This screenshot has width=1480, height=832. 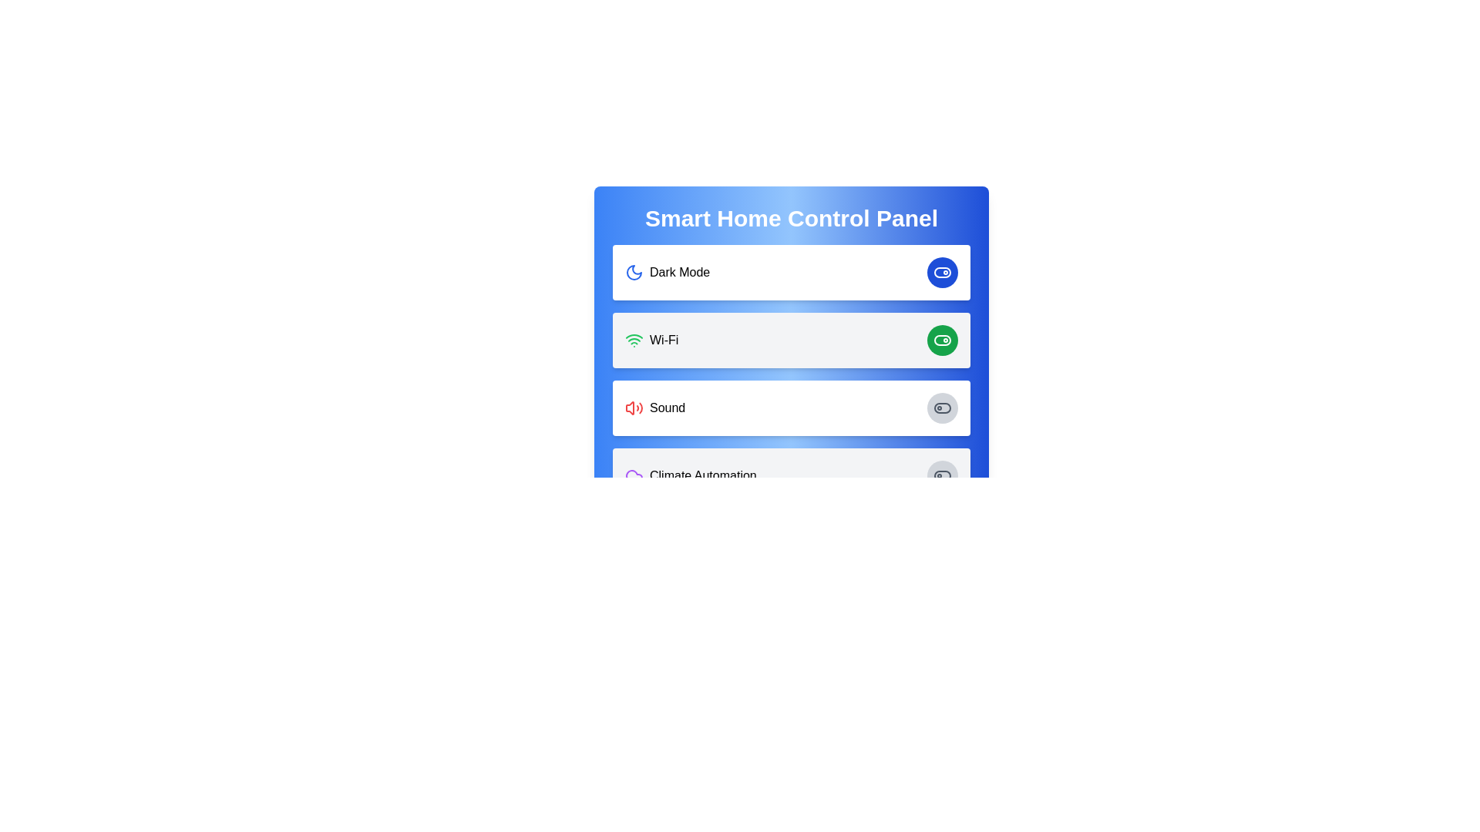 I want to click on the text label that describes the dark mode setting option, which is located within a horizontal layout next to a crescent moon icon, so click(x=679, y=272).